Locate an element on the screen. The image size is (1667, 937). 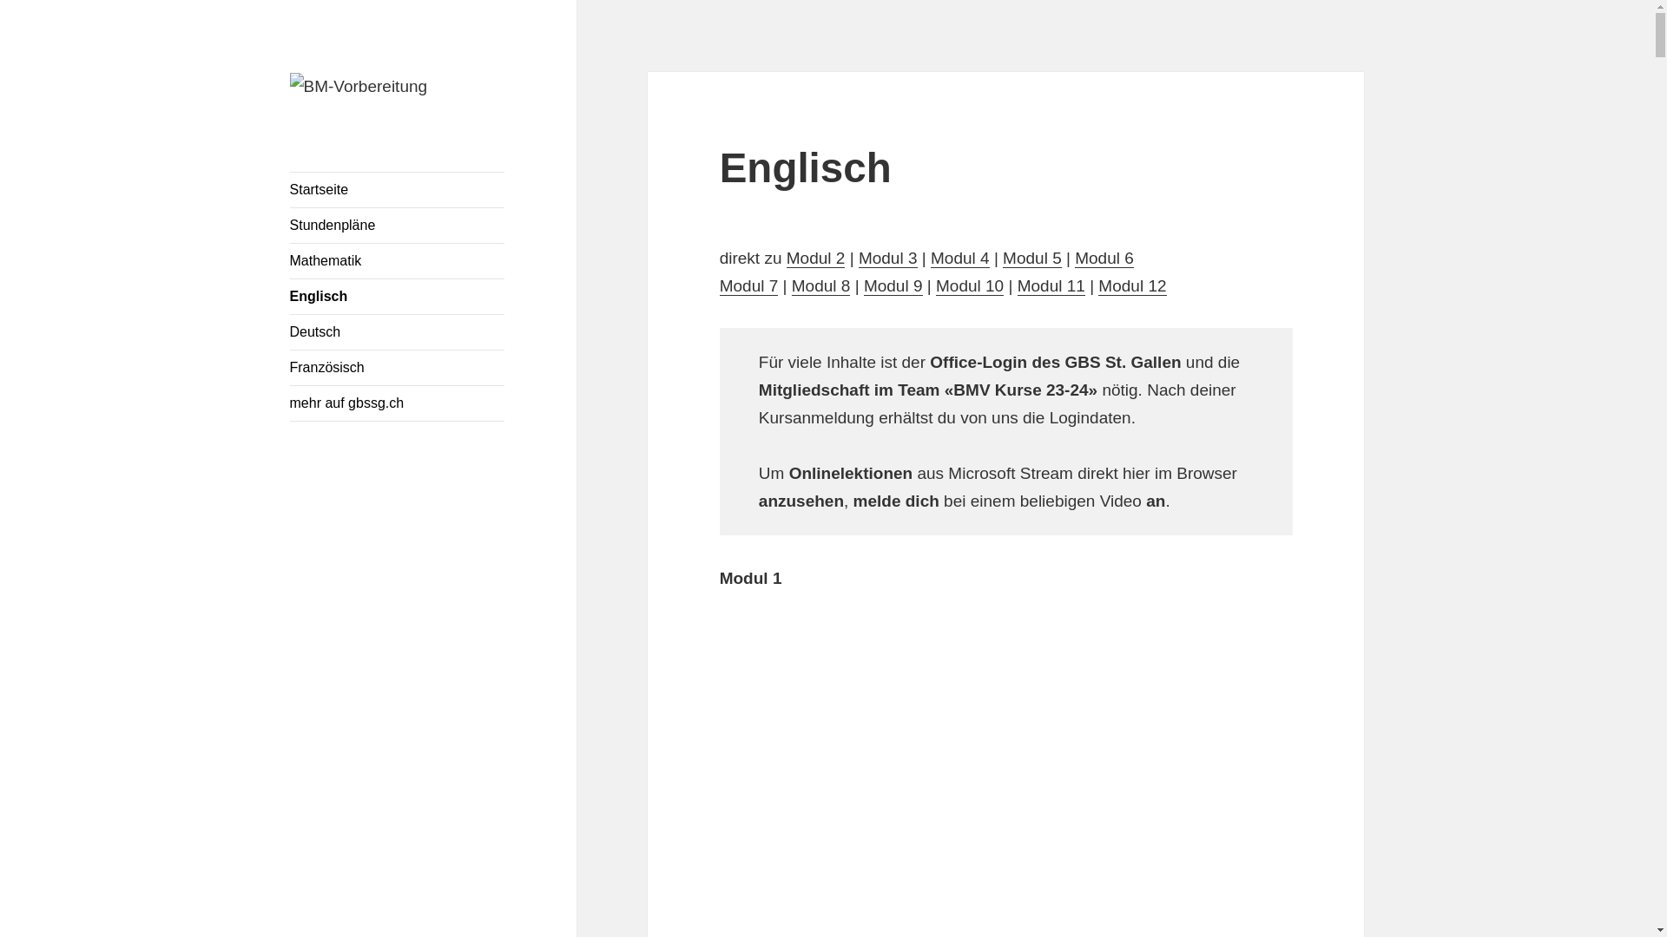
'Modul 4' is located at coordinates (959, 258).